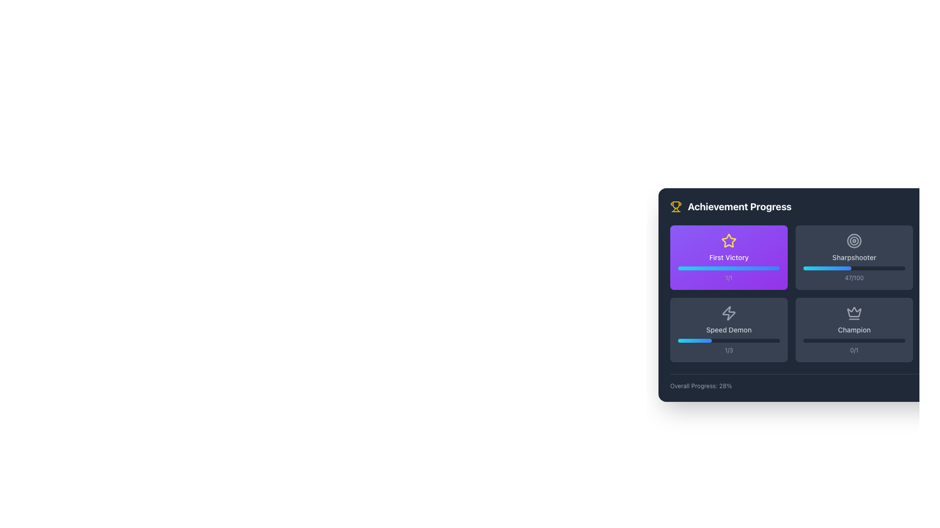 This screenshot has height=528, width=940. I want to click on the progress bar indicating 47% completion for the 'Sharpshooter' achievement located in the 'Achievement Progress' panel, so click(826, 268).